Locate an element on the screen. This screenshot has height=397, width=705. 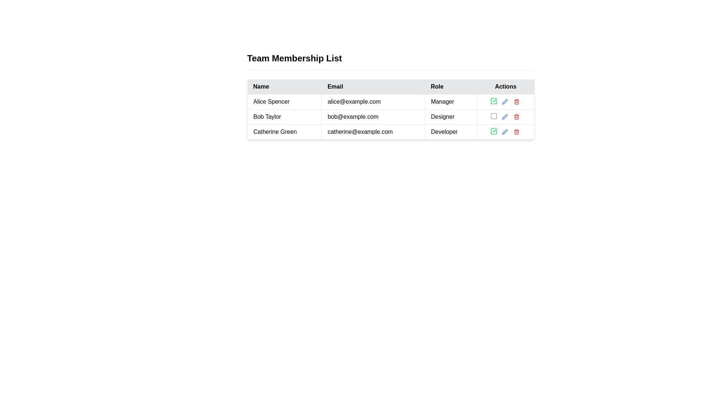
the blank table cell in the 'Actions' column for the row corresponding to 'Bob Taylor - Designer' is located at coordinates (505, 116).